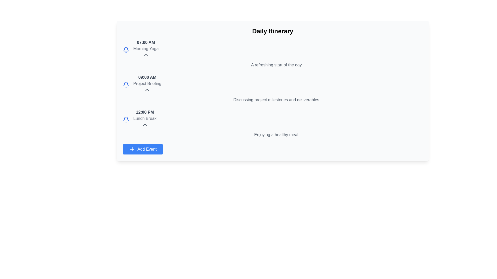 The width and height of the screenshot is (497, 279). I want to click on the label displaying the time '12:00 PM' in bold black font within the 'Daily Itinerary' panel, located in the third time slot above the 'Lunch Break' label, so click(145, 112).